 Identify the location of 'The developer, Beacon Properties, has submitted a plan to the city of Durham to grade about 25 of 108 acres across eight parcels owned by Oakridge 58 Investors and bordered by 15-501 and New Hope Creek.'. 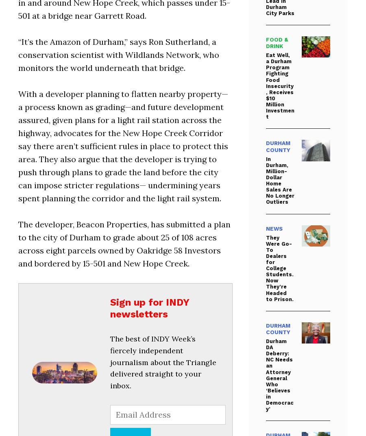
(124, 243).